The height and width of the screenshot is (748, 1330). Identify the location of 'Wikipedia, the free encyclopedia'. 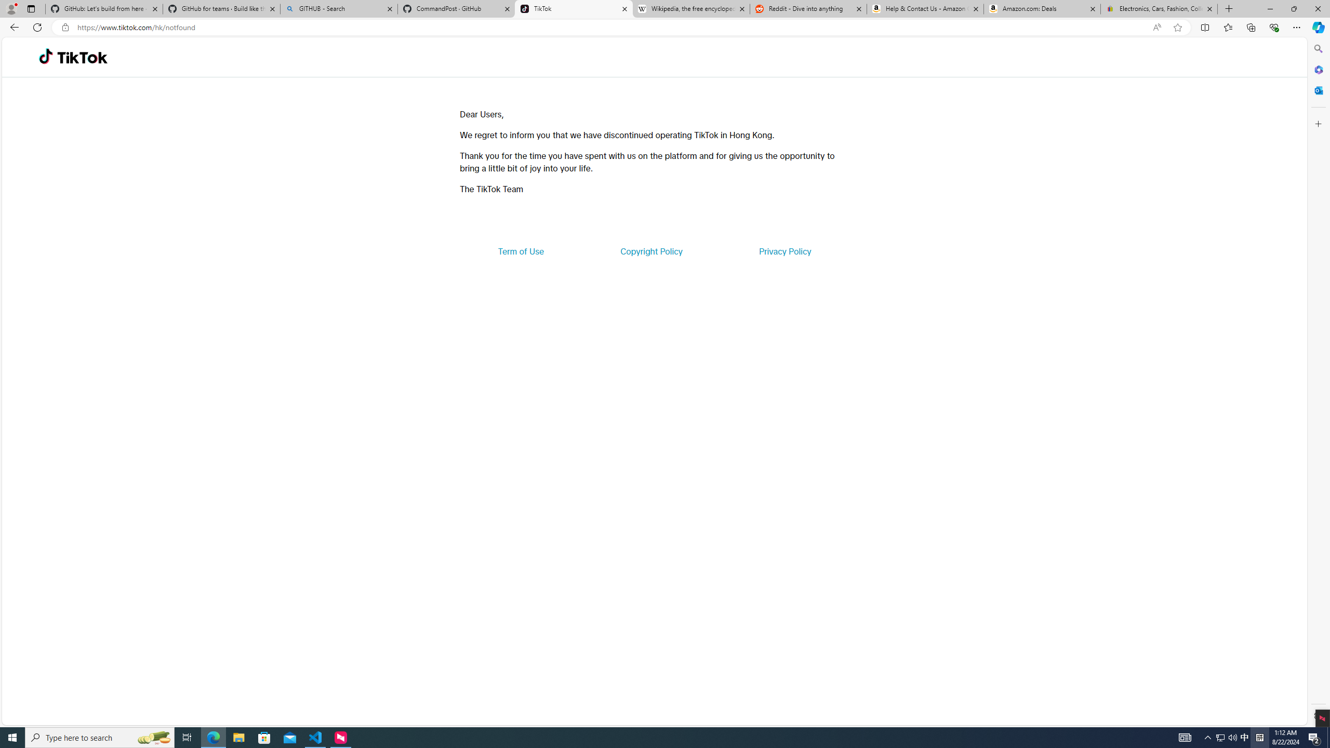
(690, 8).